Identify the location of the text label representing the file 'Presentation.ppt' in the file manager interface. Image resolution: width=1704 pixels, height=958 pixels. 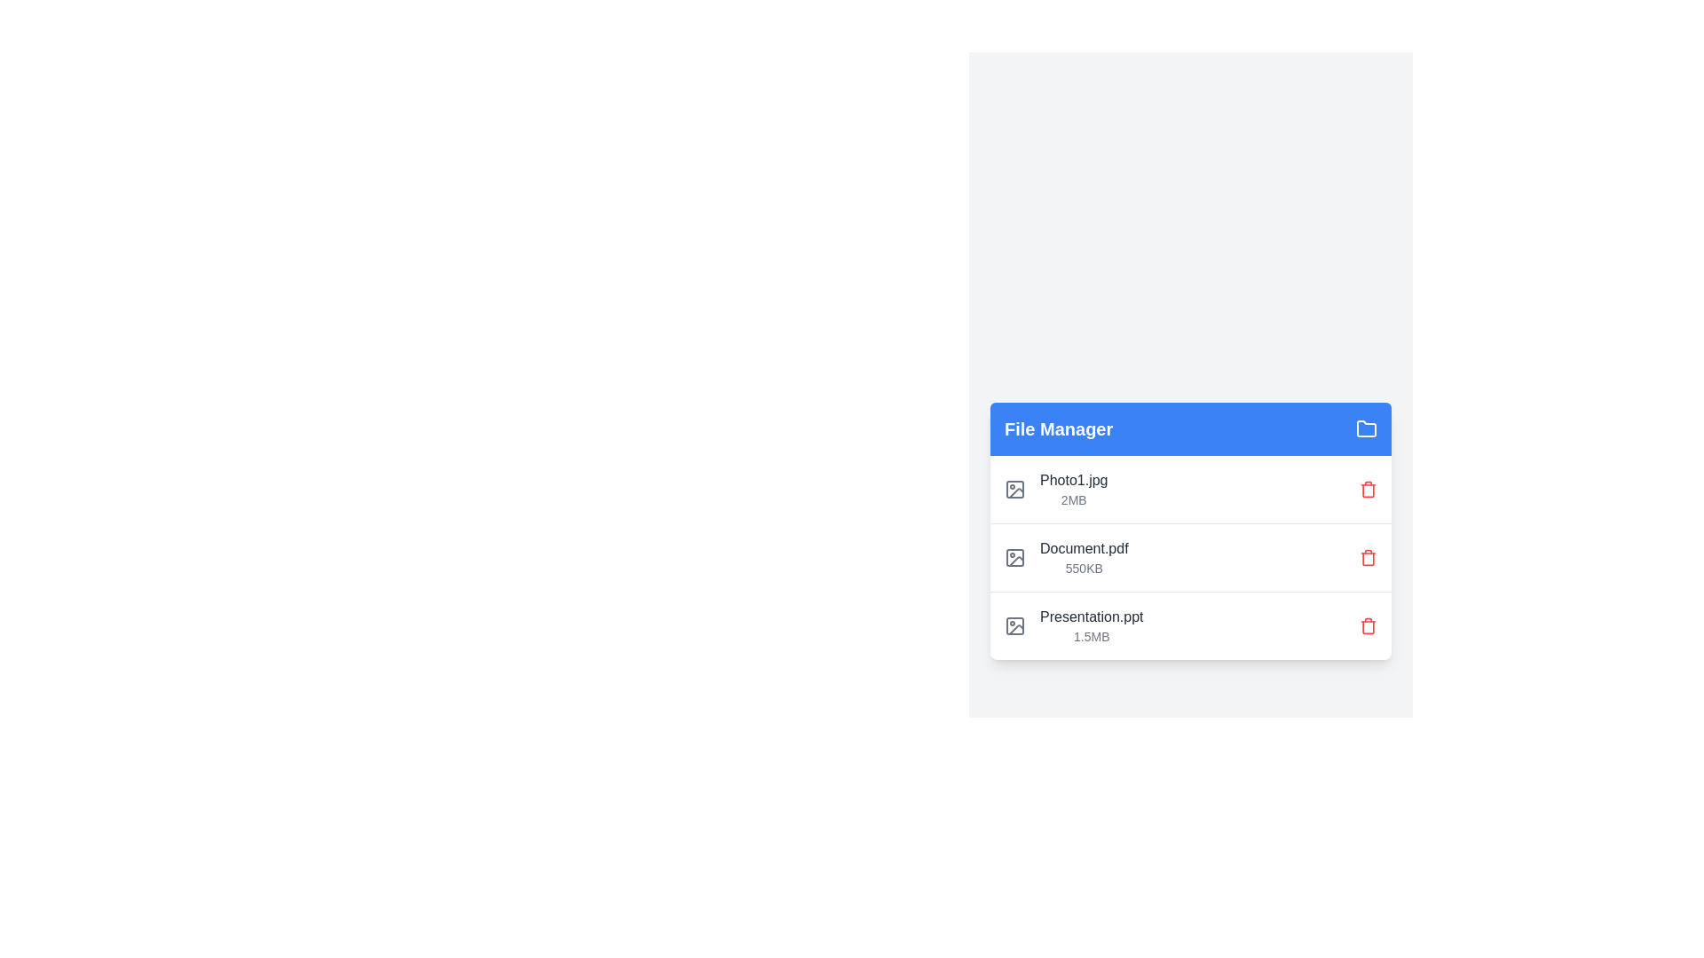
(1091, 616).